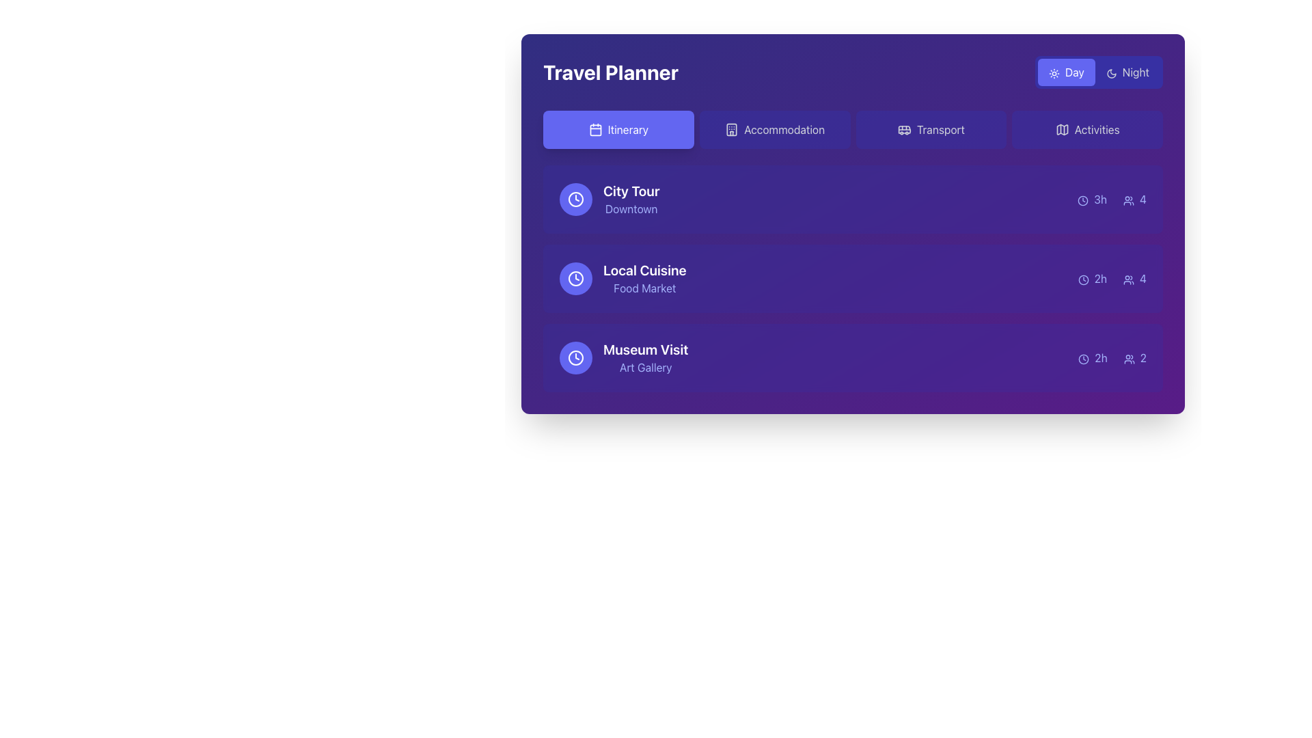  I want to click on the crescent moon icon in the top-right corner of the UI, so click(1111, 73).